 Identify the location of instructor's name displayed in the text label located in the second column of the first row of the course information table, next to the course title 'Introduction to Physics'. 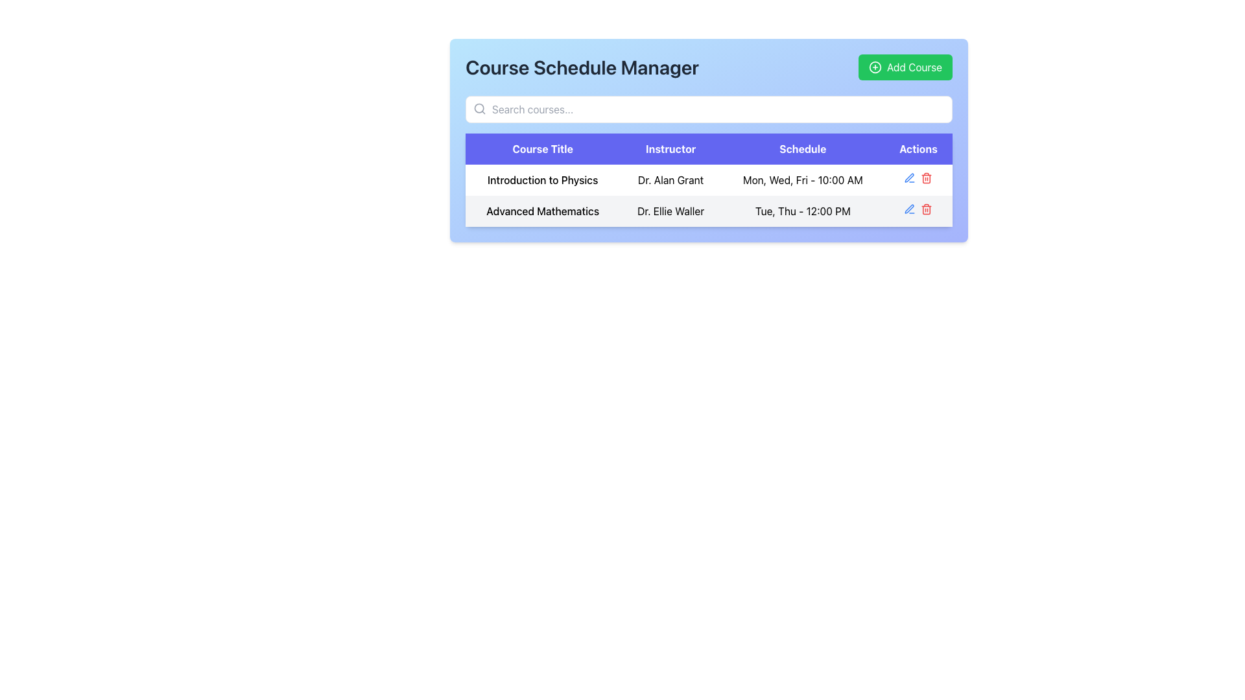
(670, 180).